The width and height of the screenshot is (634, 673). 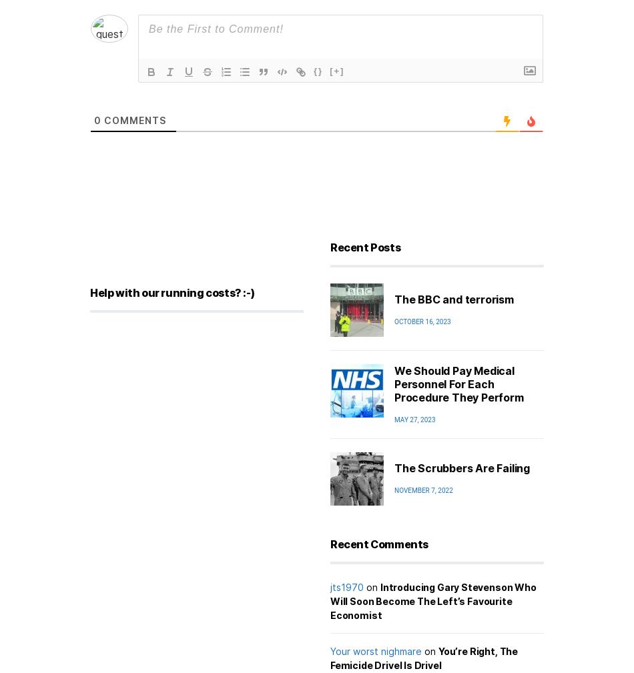 What do you see at coordinates (133, 119) in the screenshot?
I see `'Comments'` at bounding box center [133, 119].